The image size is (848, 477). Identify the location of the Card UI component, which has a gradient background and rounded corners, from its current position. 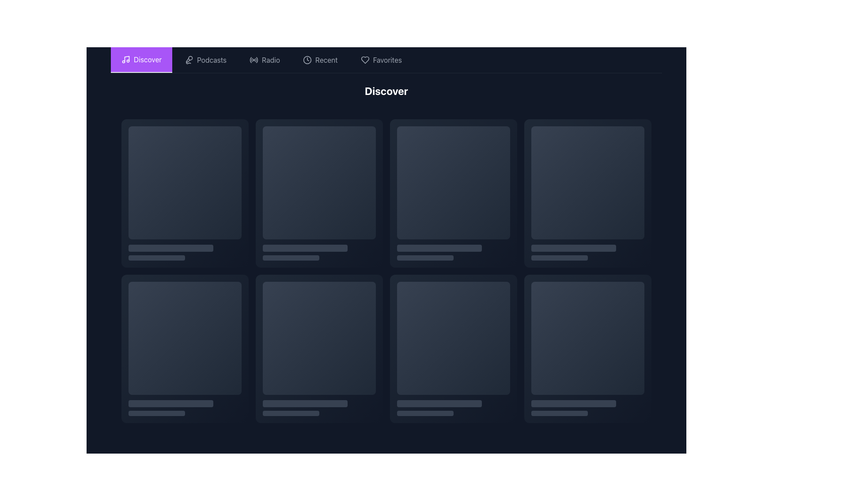
(319, 193).